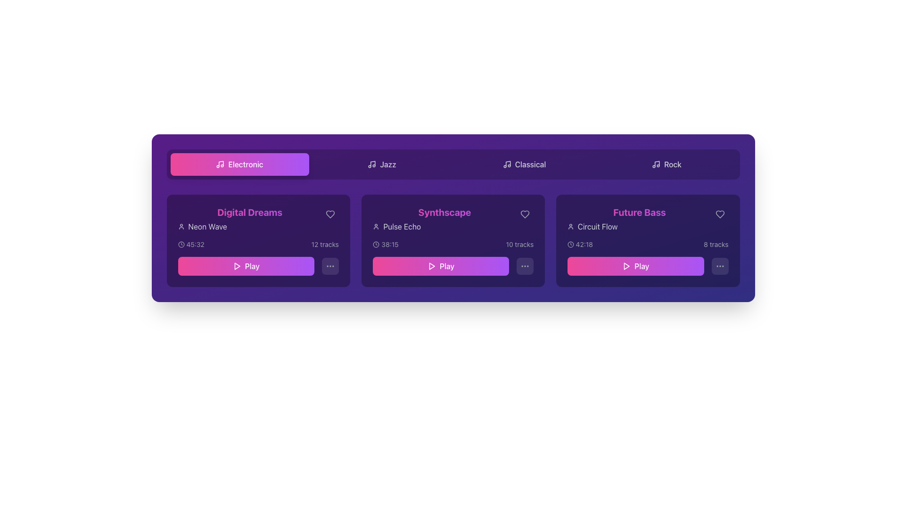  What do you see at coordinates (444, 219) in the screenshot?
I see `the title section of the content card, which is visually distinct and positioned at the top of the middle card in a three-card layout` at bounding box center [444, 219].